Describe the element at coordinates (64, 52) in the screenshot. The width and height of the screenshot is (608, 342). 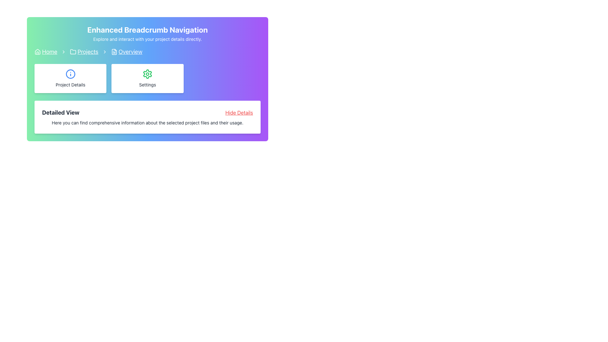
I see `the rightward-pointing chevron arrow icon located in the breadcrumb navigation between the 'Home' label and the 'Projects' label` at that location.